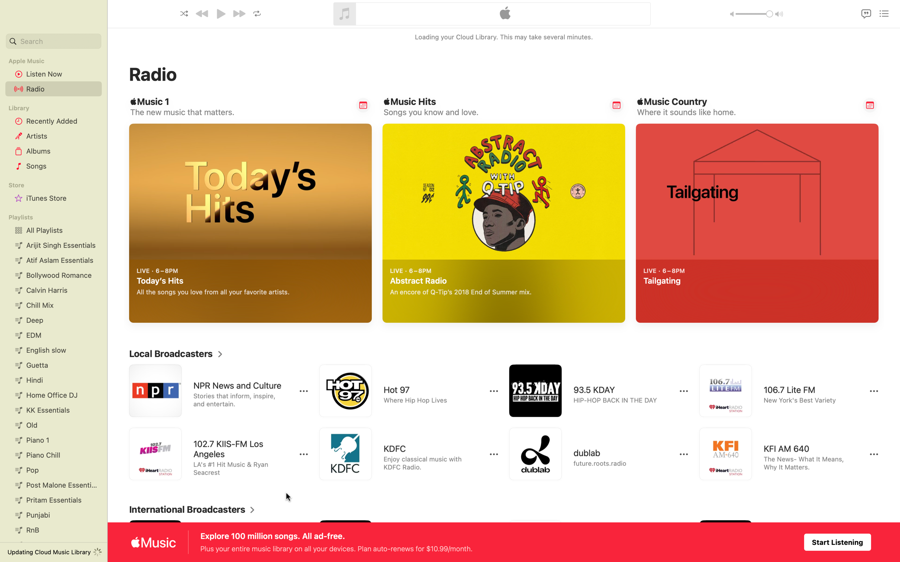 This screenshot has height=562, width=900. Describe the element at coordinates (1691550, 467584) in the screenshot. I see `Hover over Abstract Radio` at that location.